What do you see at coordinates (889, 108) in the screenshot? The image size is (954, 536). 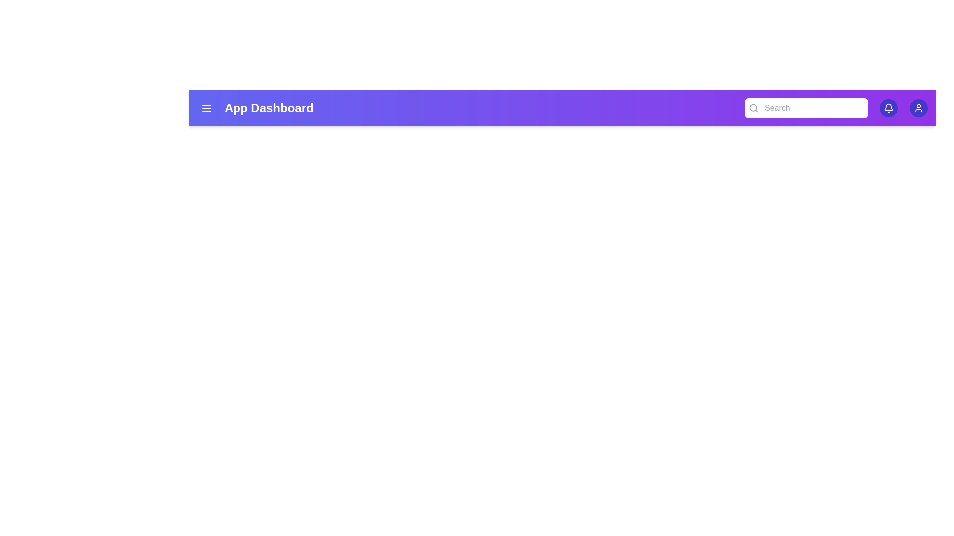 I see `bell icon to view notifications` at bounding box center [889, 108].